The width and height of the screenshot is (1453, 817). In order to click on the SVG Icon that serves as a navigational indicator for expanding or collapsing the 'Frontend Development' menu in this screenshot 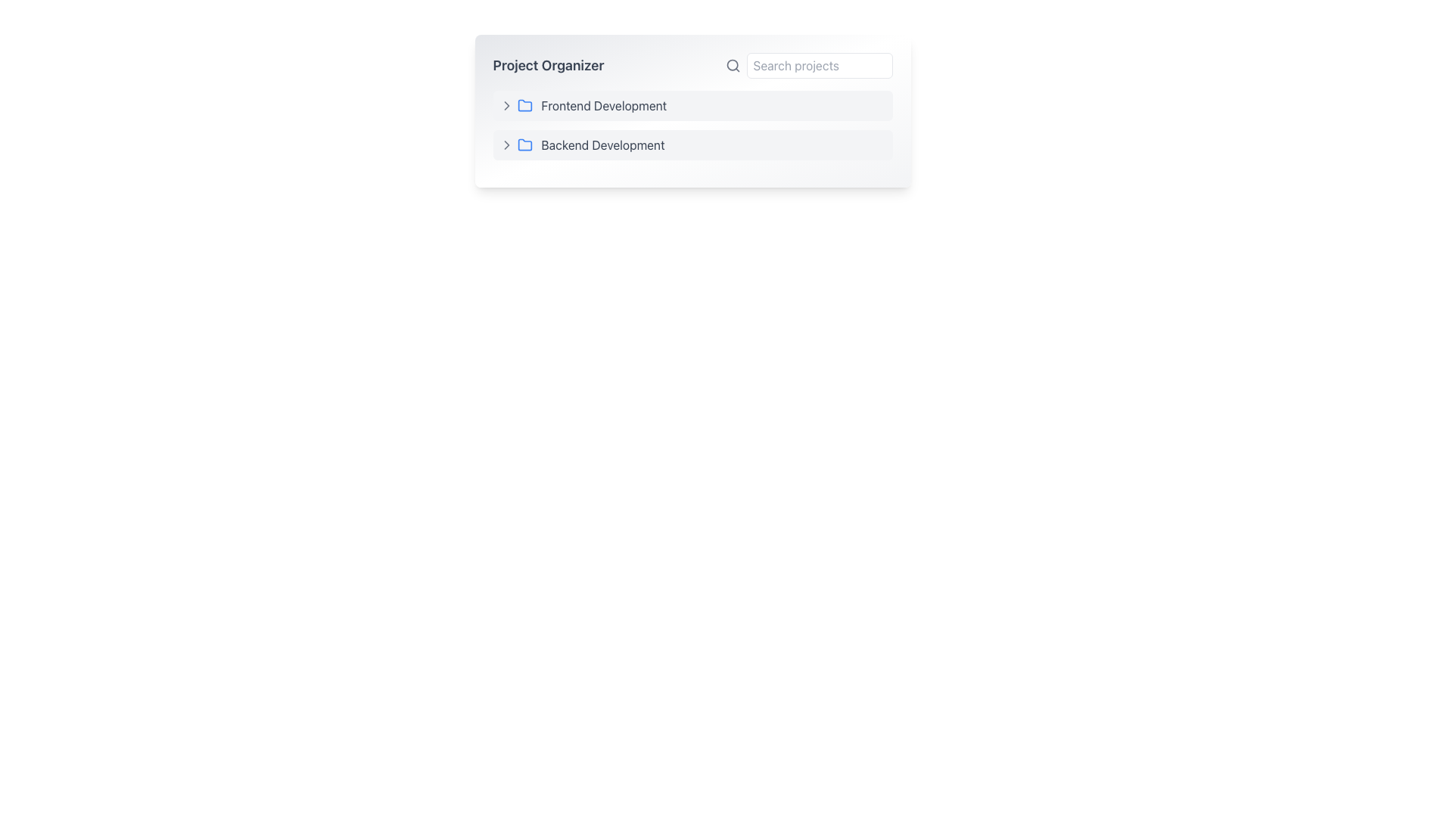, I will do `click(506, 104)`.